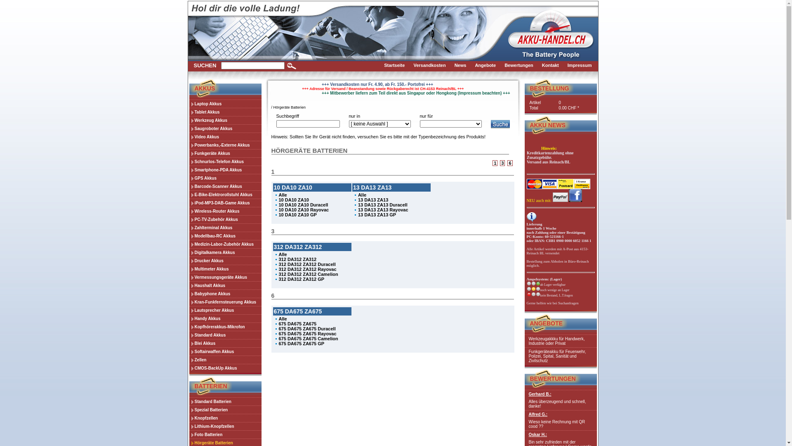 This screenshot has height=446, width=792. What do you see at coordinates (225, 228) in the screenshot?
I see `'Zahlterminal Akkus'` at bounding box center [225, 228].